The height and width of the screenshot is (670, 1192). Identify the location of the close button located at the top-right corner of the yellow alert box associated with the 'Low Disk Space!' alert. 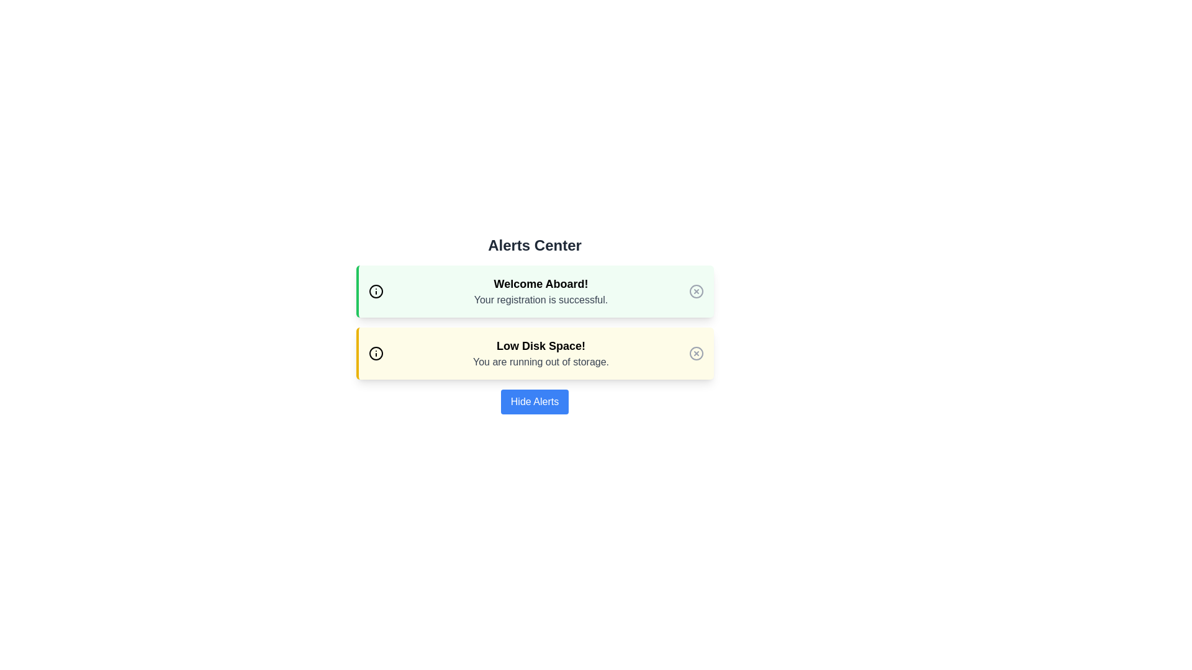
(696, 354).